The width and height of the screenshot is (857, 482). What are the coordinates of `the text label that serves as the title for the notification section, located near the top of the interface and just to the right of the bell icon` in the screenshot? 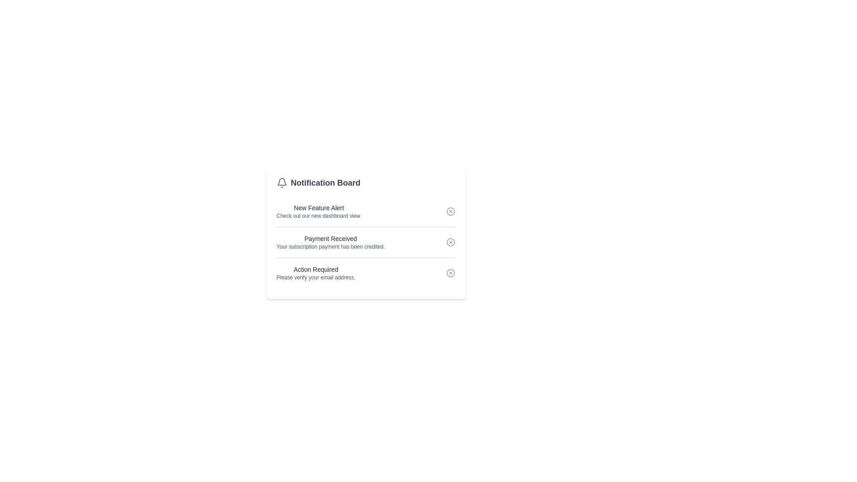 It's located at (325, 182).